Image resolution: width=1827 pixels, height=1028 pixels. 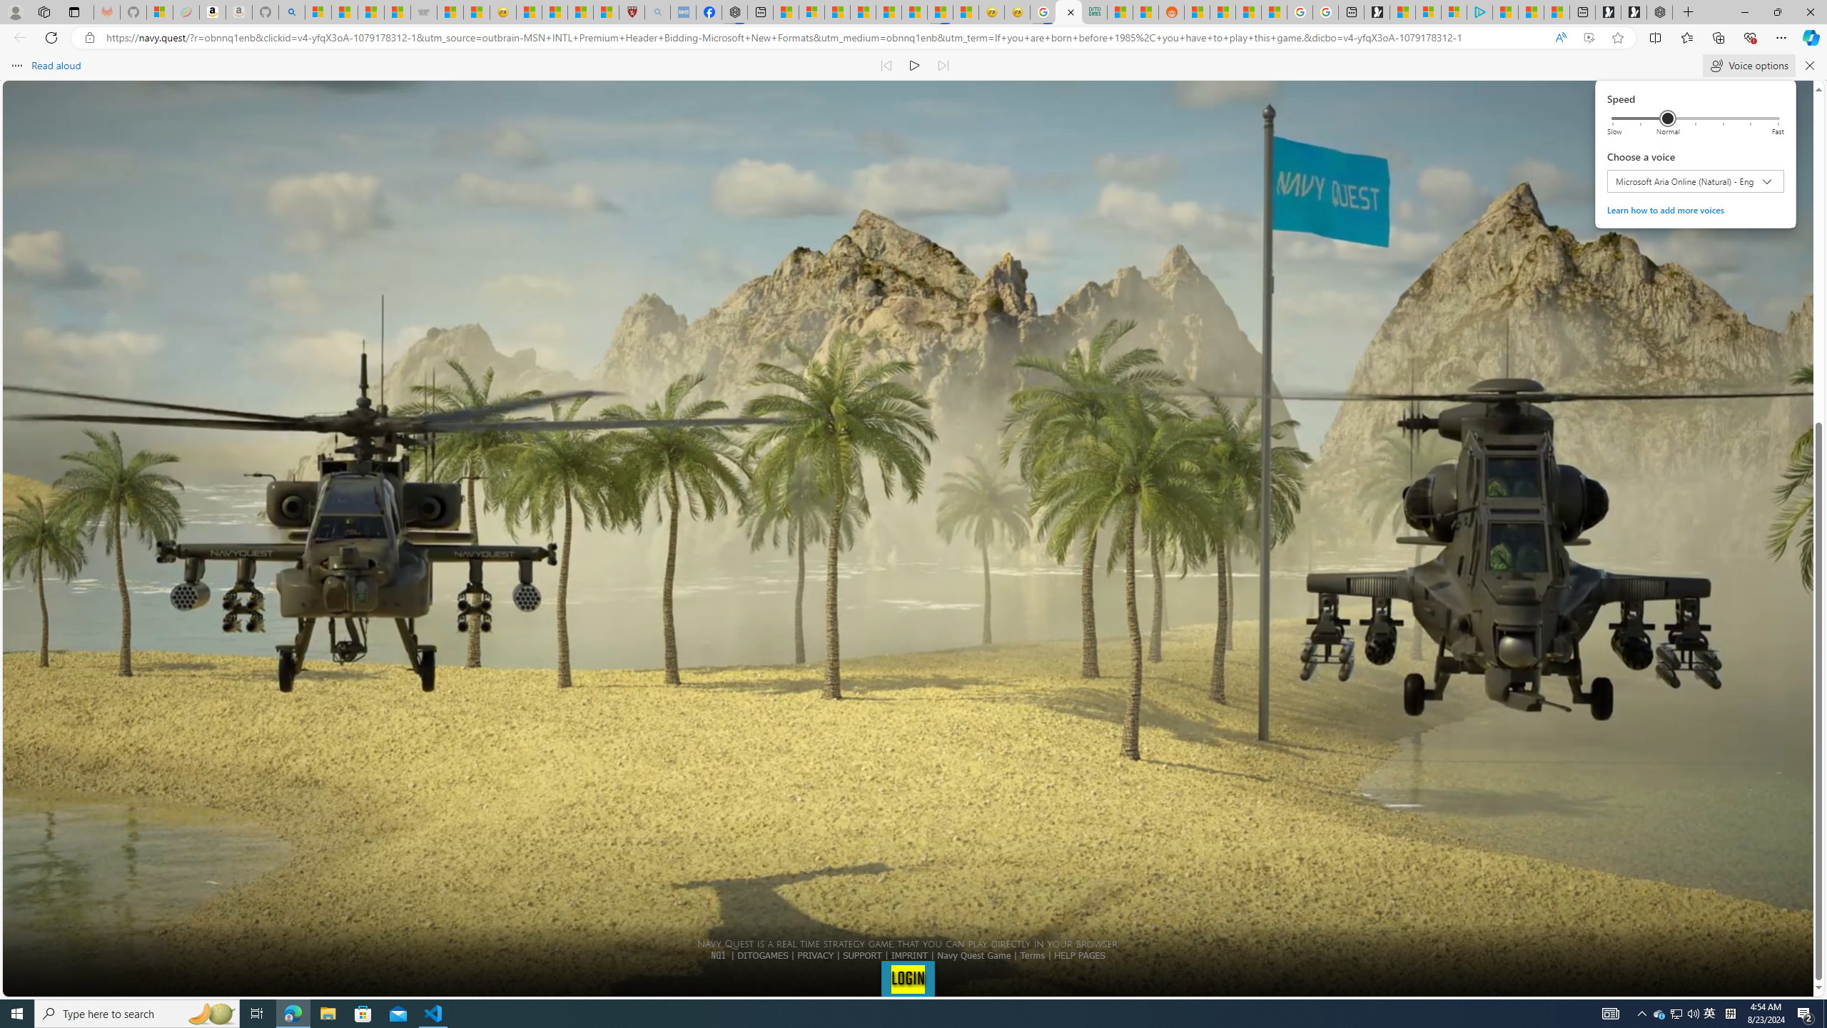 What do you see at coordinates (815, 954) in the screenshot?
I see `'PRIVACY'` at bounding box center [815, 954].